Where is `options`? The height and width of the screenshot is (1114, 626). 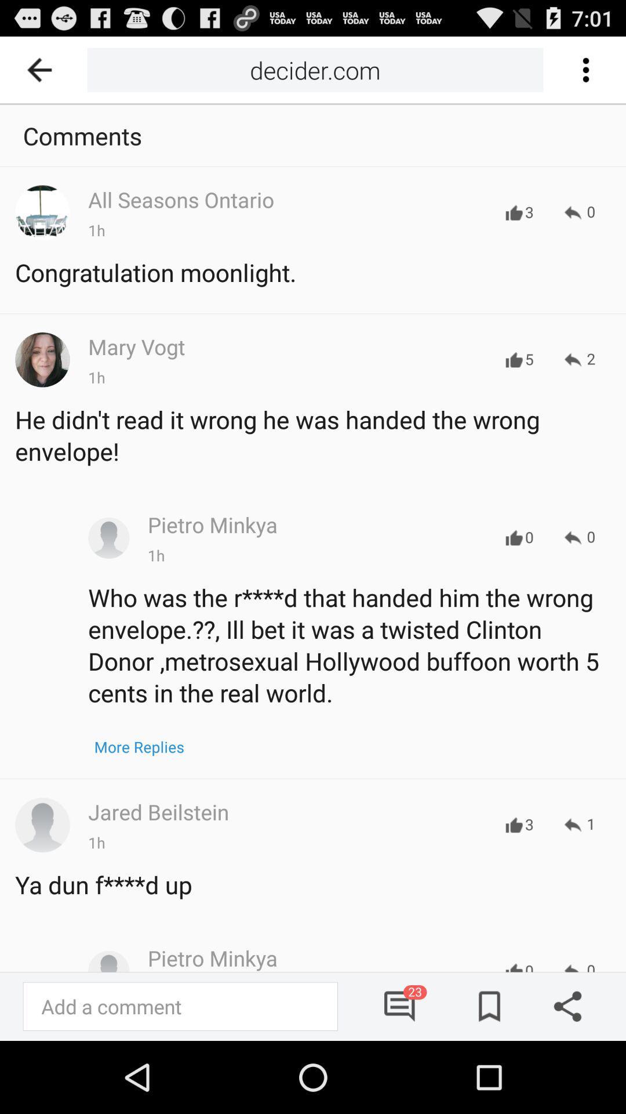 options is located at coordinates (585, 69).